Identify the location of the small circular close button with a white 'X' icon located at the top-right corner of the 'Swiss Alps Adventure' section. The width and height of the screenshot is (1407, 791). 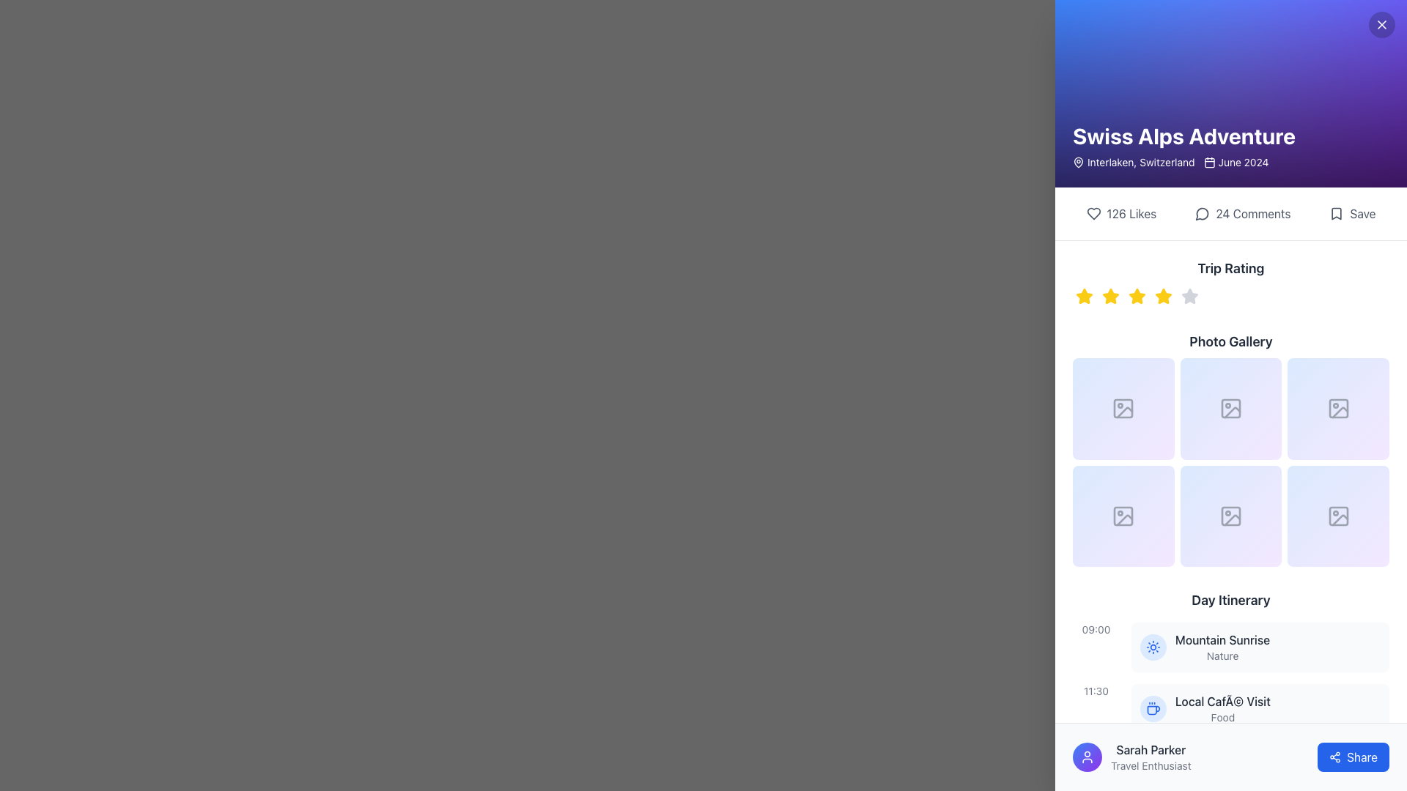
(1381, 25).